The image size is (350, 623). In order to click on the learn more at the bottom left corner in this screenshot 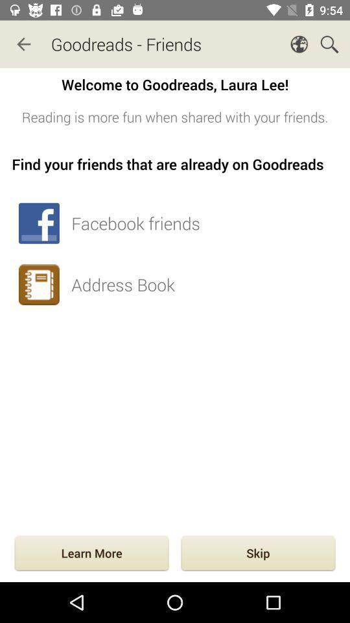, I will do `click(91, 554)`.